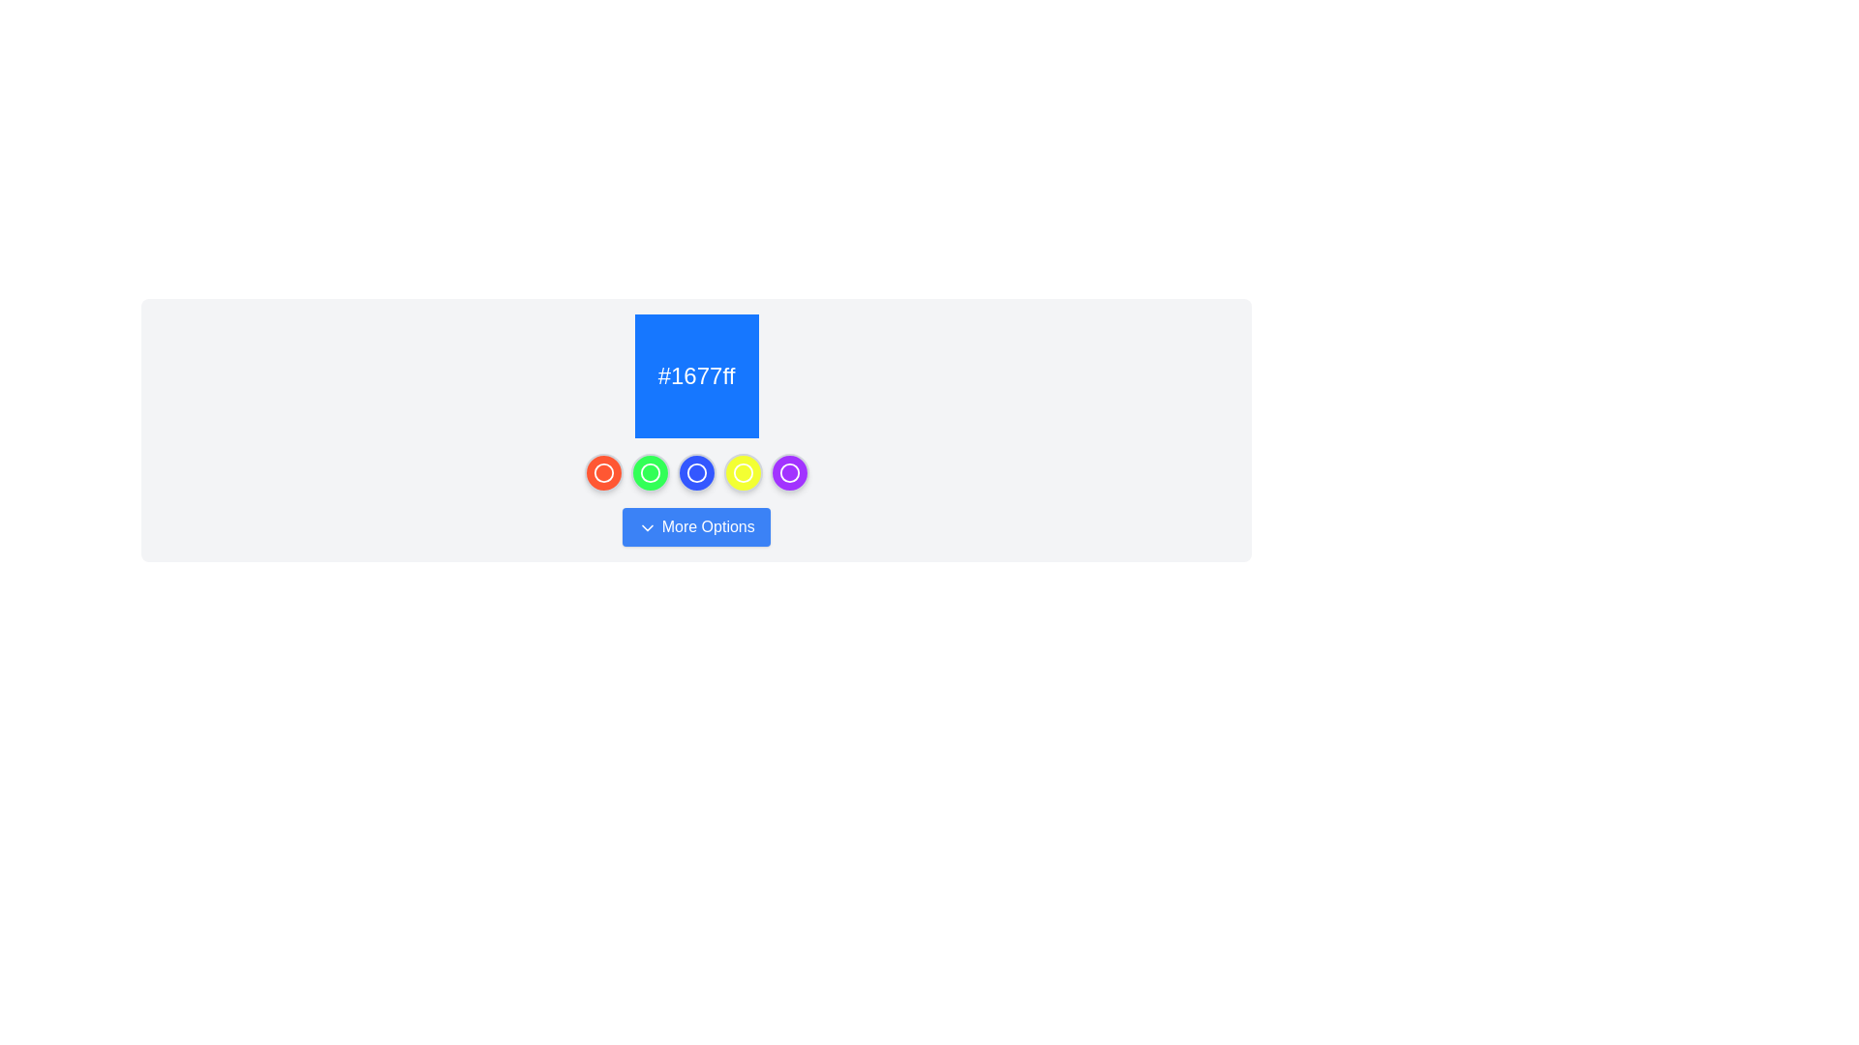 The height and width of the screenshot is (1045, 1859). I want to click on the fourth circular icon from left to right, so click(742, 473).